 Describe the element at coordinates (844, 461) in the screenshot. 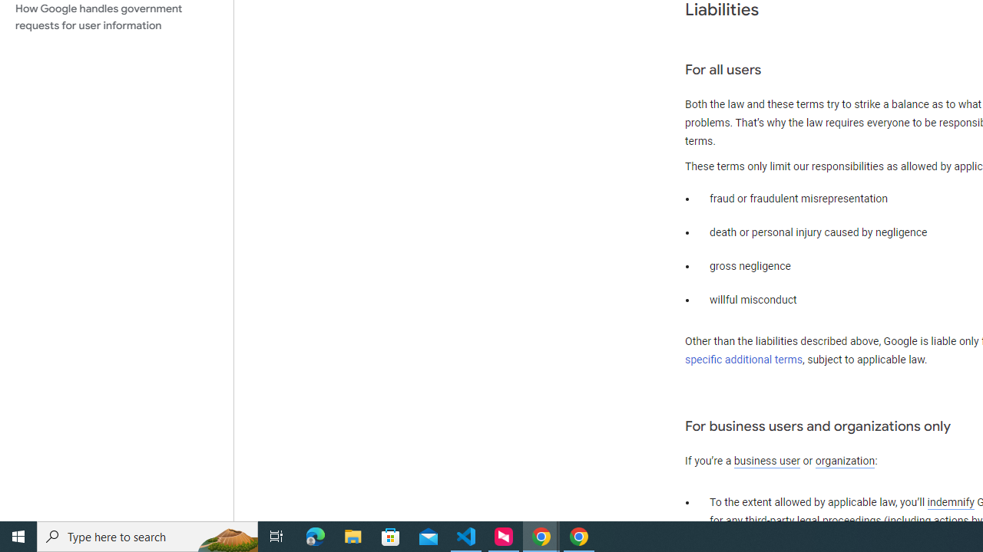

I see `'organization'` at that location.